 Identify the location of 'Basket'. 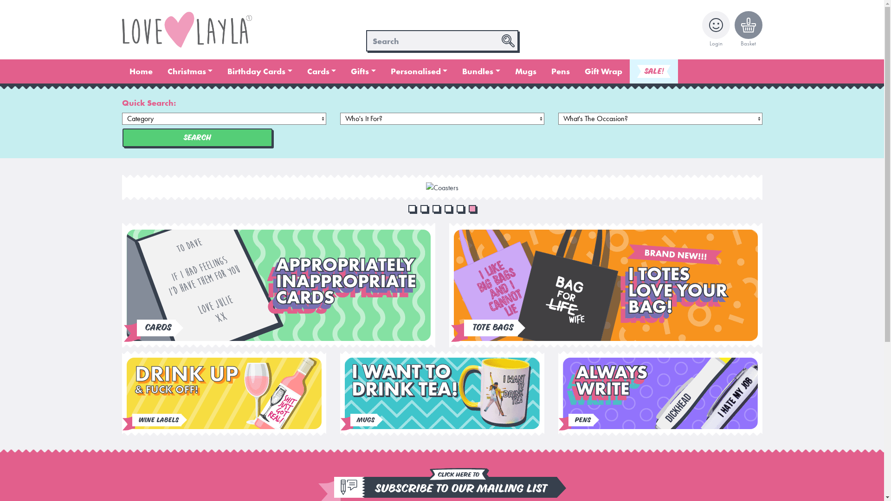
(734, 29).